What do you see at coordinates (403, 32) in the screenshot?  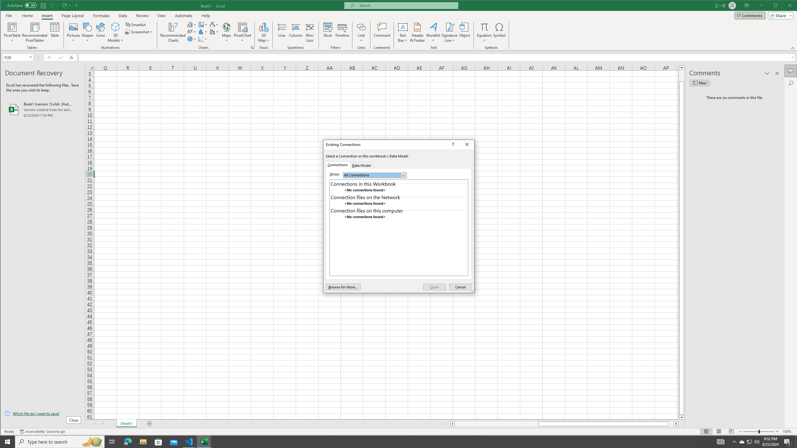 I see `'Text Box'` at bounding box center [403, 32].